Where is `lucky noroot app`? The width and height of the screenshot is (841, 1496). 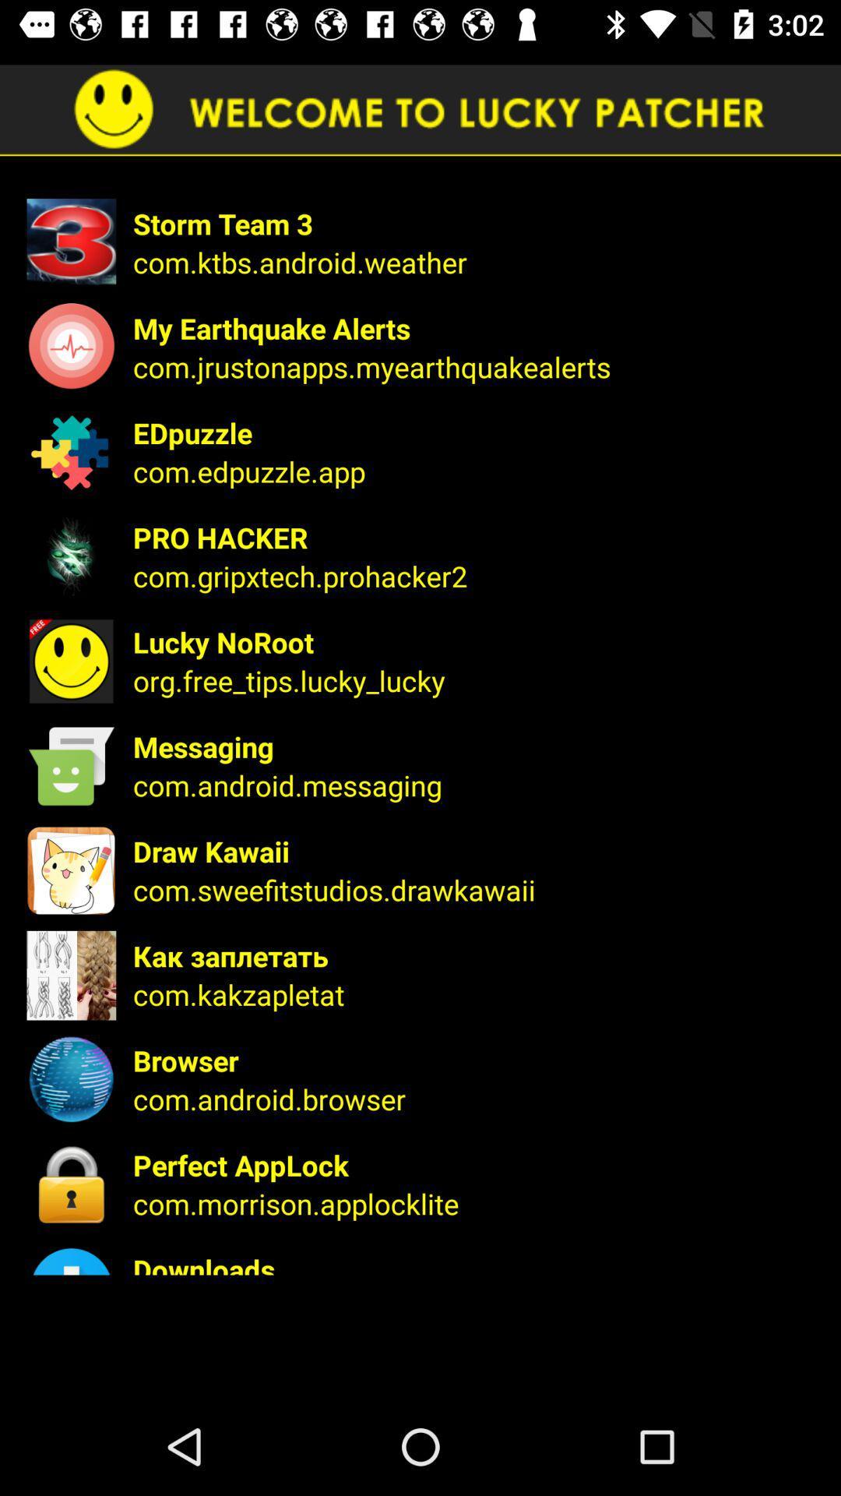
lucky noroot app is located at coordinates (476, 642).